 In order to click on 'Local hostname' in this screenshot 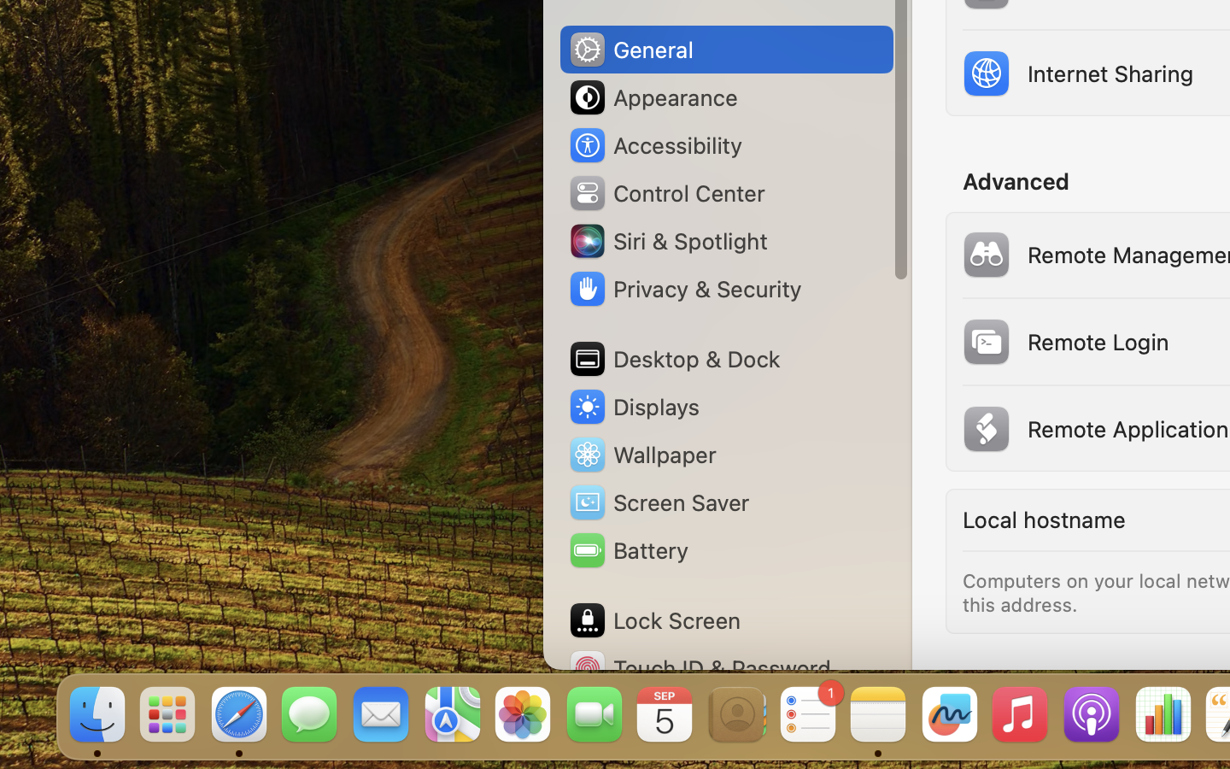, I will do `click(1041, 520)`.